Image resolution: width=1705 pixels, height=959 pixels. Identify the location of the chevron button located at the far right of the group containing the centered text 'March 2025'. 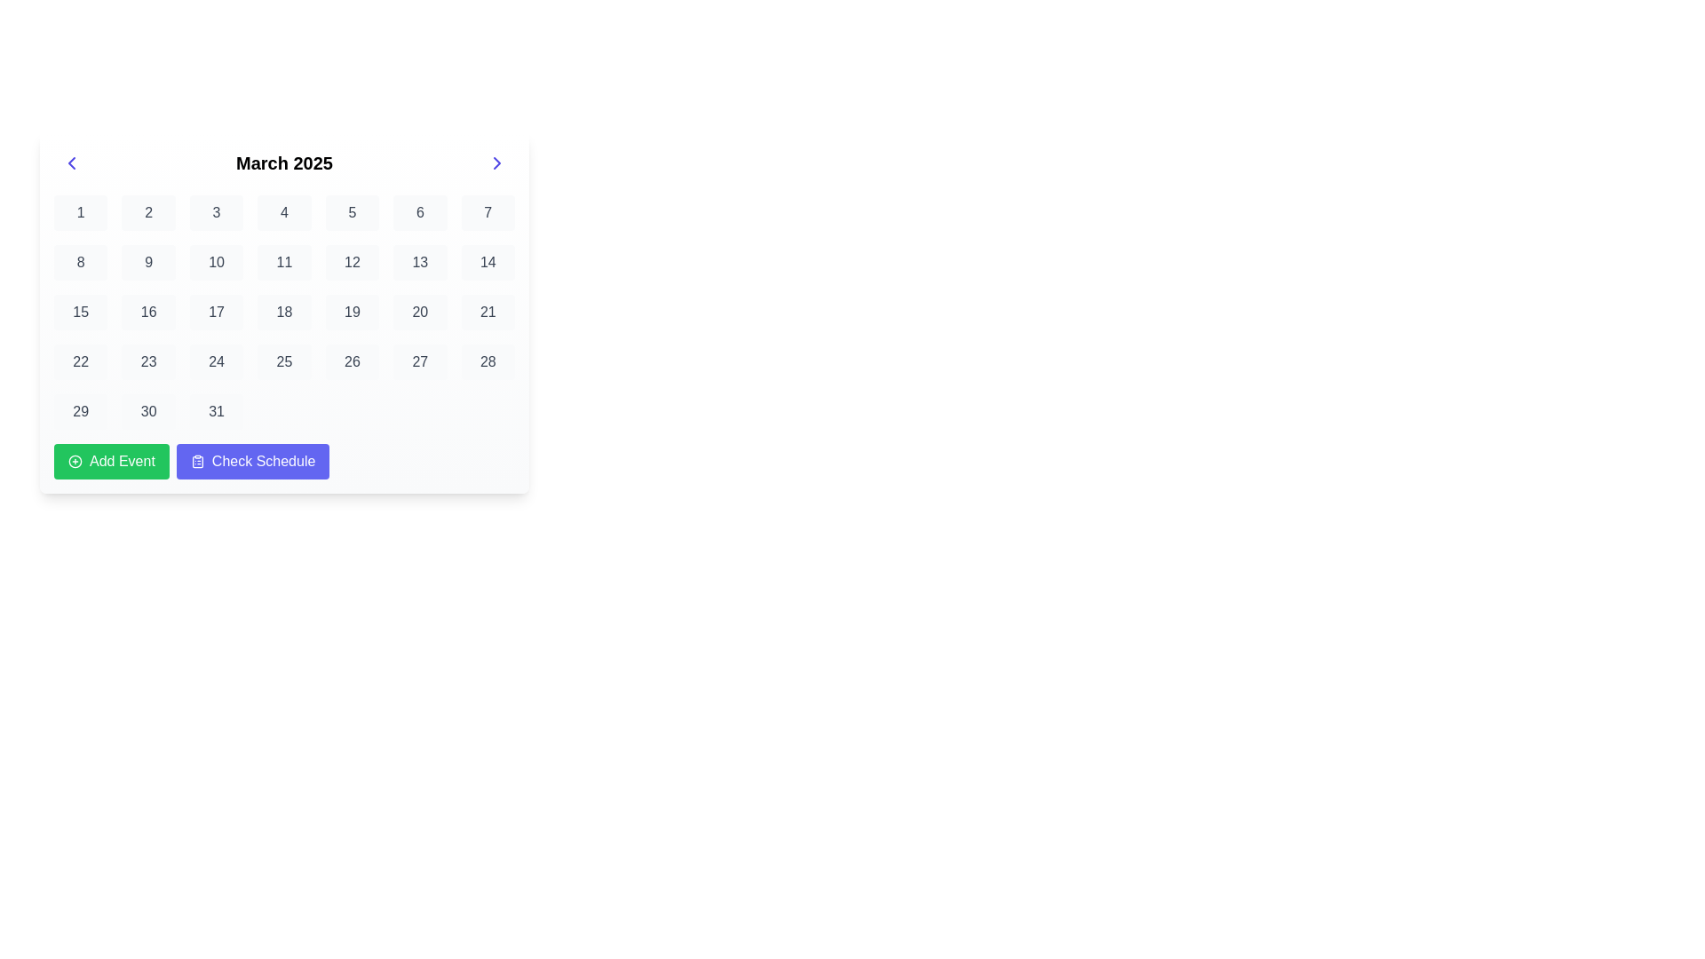
(497, 163).